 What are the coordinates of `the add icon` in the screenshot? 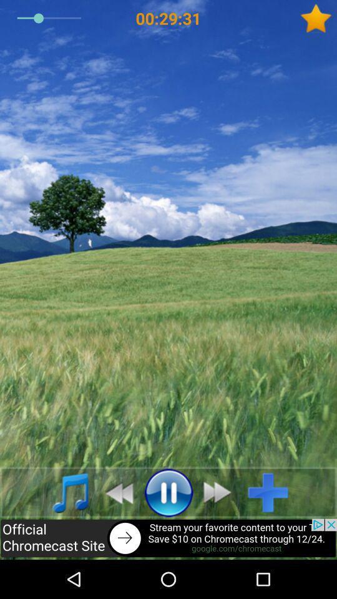 It's located at (272, 492).